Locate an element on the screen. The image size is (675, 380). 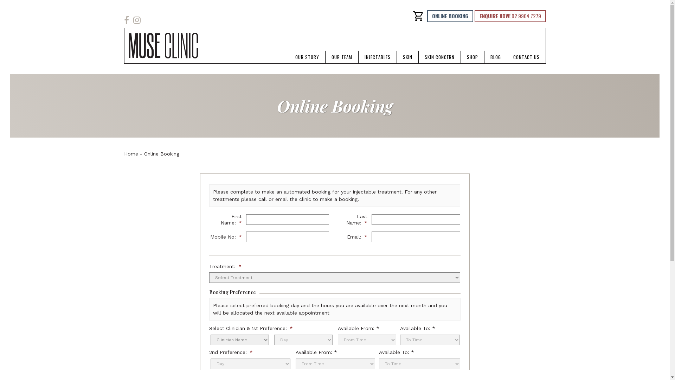
'SKIN' is located at coordinates (407, 57).